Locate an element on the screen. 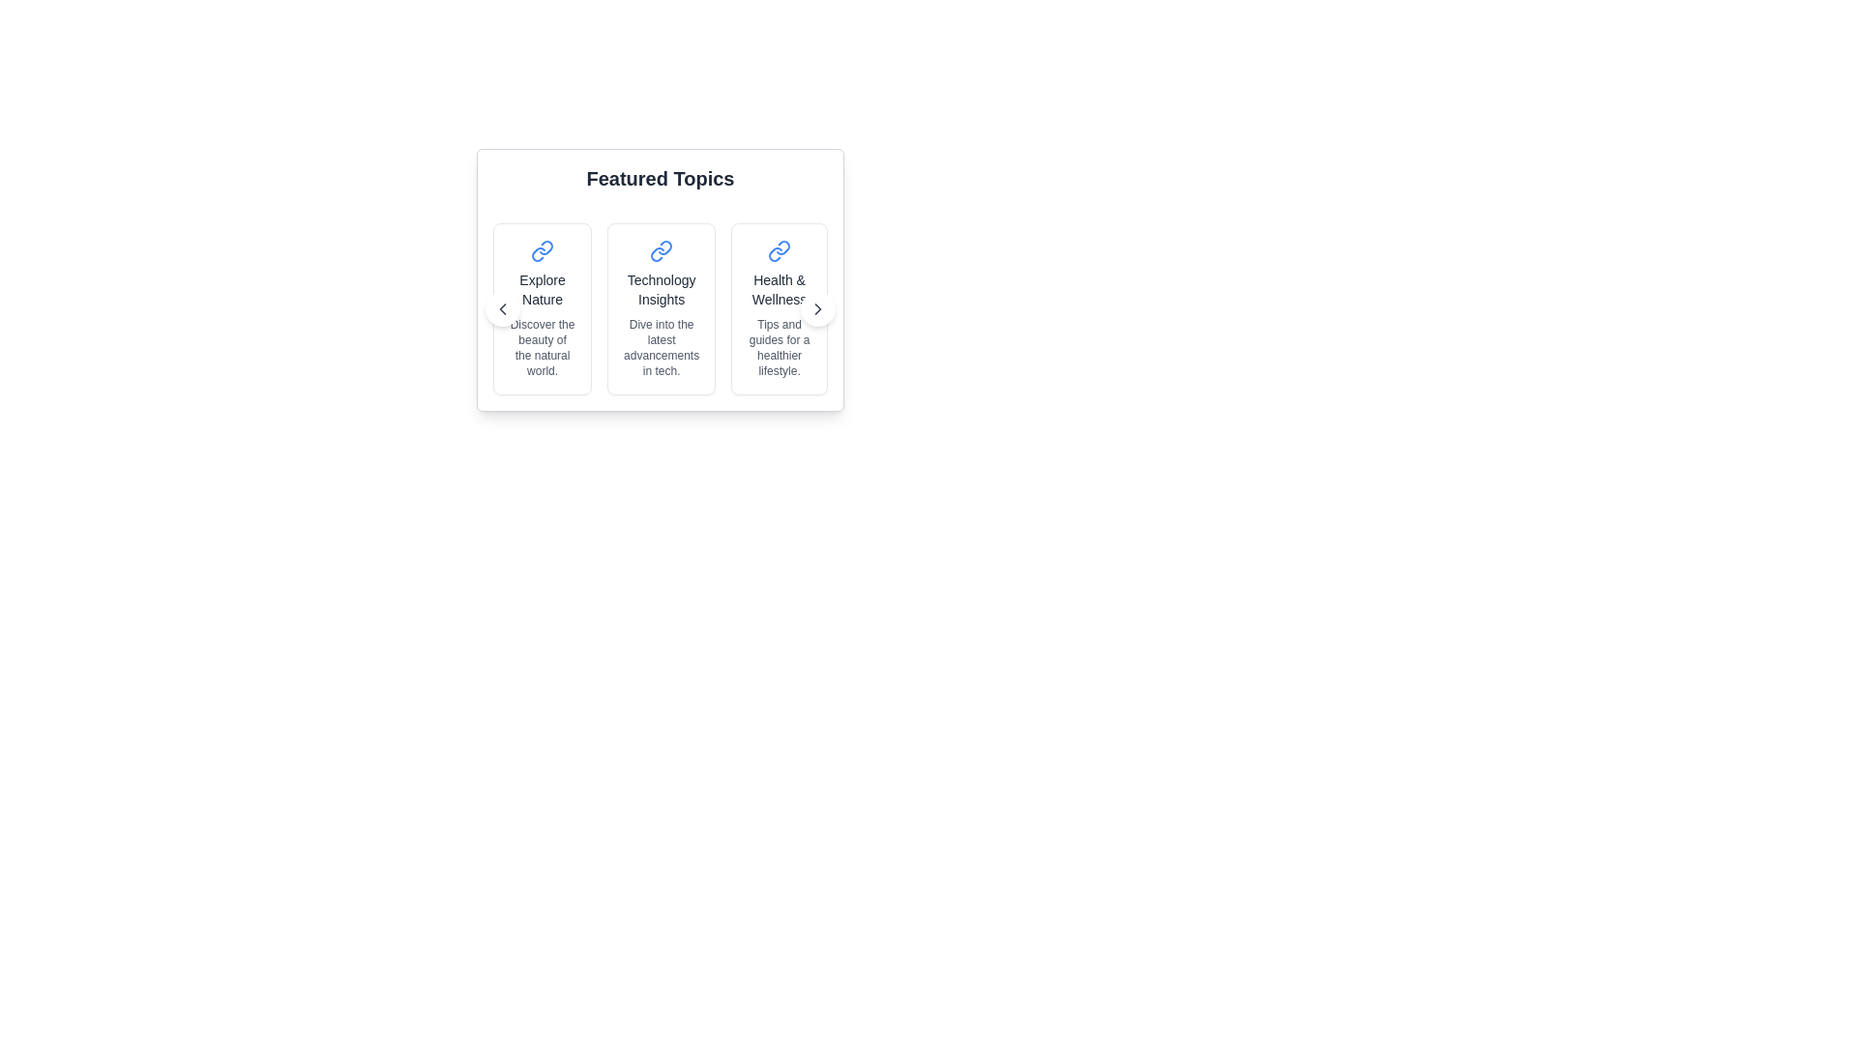  the blue chain link icon located at the upper section of the 'Explore Nature' card is located at coordinates (542, 249).